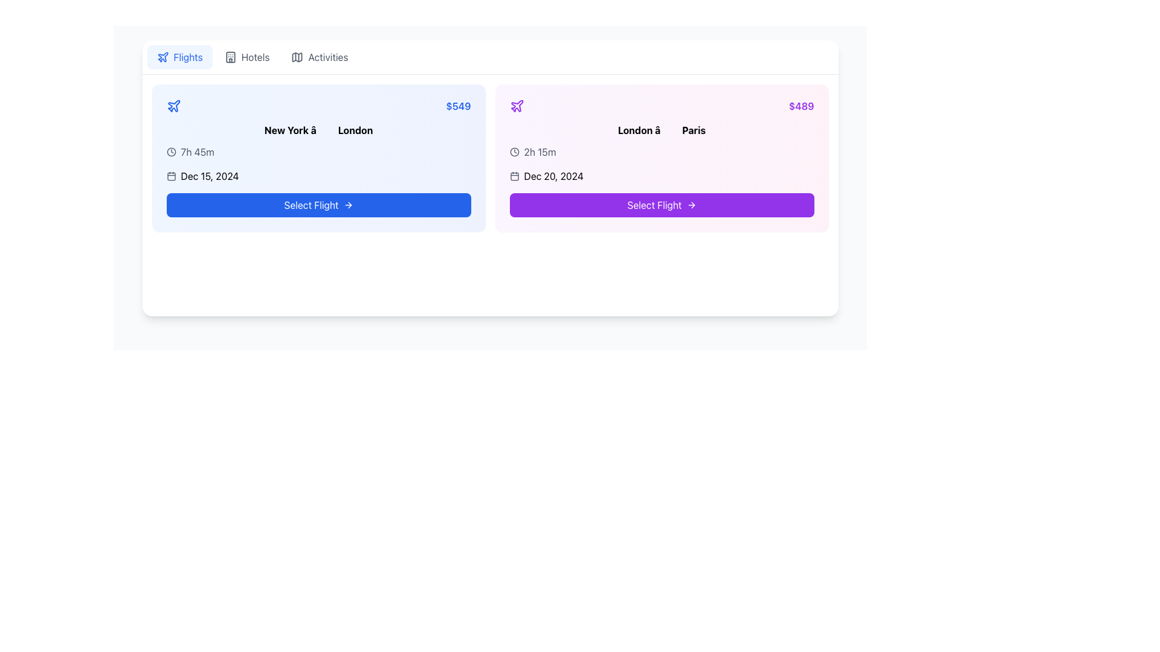  Describe the element at coordinates (349, 204) in the screenshot. I see `the icon on the 'Select Flight' button, which indicates forward navigation and is positioned on the right end of the button for the flight option from 'New York' to 'London'` at that location.